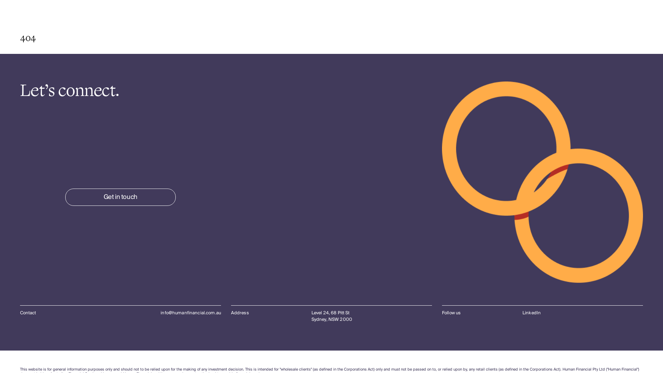 The height and width of the screenshot is (373, 663). Describe the element at coordinates (191, 313) in the screenshot. I see `'info@humanfinancial.com.au'` at that location.